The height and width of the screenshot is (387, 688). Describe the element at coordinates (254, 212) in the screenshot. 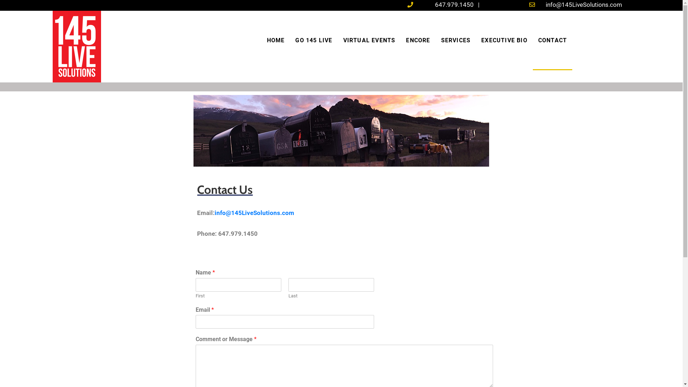

I see `'info@145LiveSolutions.com'` at that location.